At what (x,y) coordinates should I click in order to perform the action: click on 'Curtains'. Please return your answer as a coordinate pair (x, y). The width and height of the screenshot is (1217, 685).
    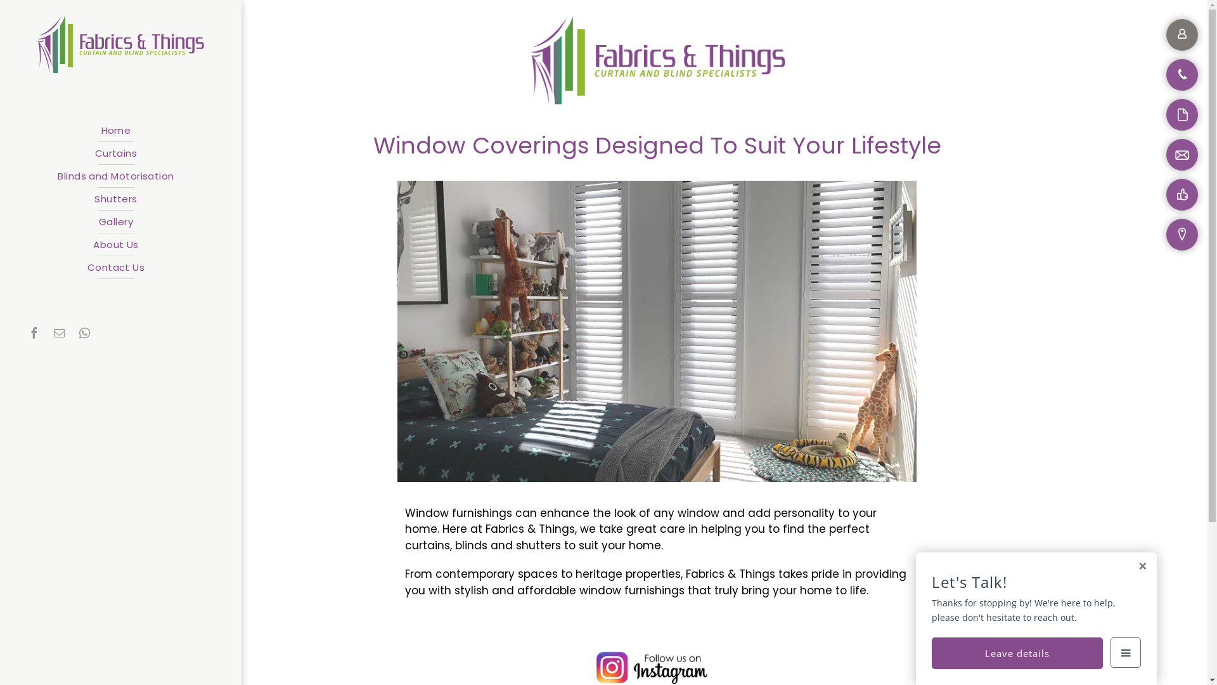
    Looking at the image, I should click on (115, 152).